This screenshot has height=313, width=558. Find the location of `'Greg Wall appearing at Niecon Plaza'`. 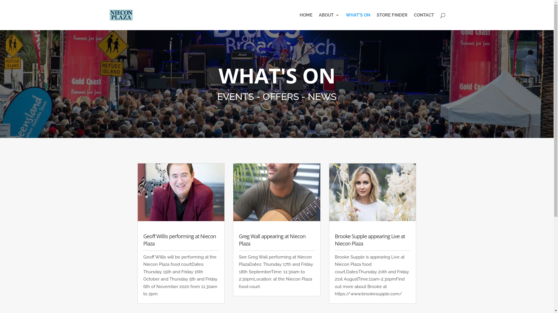

'Greg Wall appearing at Niecon Plaza' is located at coordinates (239, 240).